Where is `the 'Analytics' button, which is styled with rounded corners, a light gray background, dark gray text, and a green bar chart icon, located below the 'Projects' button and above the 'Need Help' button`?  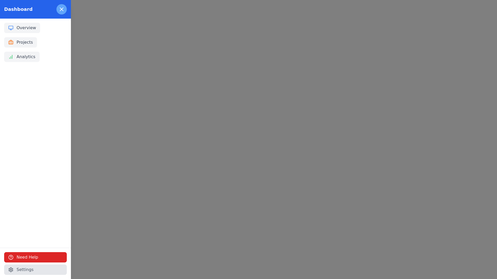 the 'Analytics' button, which is styled with rounded corners, a light gray background, dark gray text, and a green bar chart icon, located below the 'Projects' button and above the 'Need Help' button is located at coordinates (21, 57).